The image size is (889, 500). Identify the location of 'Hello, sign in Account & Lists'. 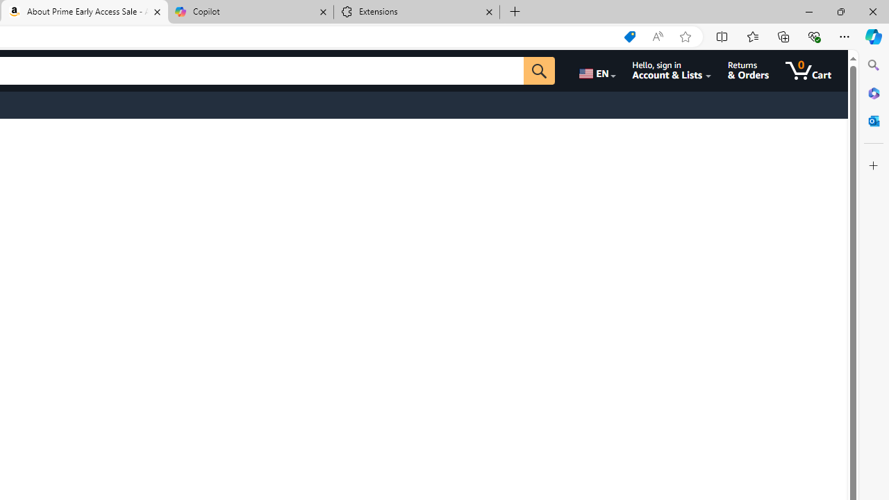
(672, 70).